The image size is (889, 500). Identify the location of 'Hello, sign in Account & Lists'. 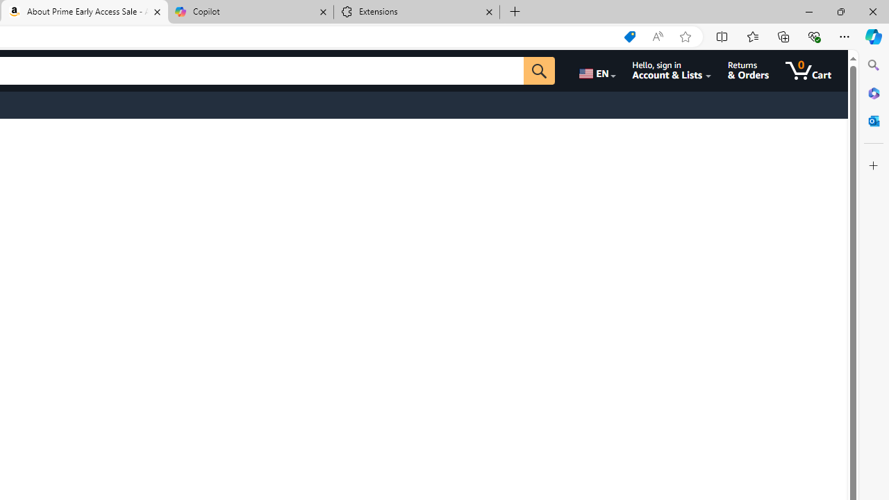
(672, 70).